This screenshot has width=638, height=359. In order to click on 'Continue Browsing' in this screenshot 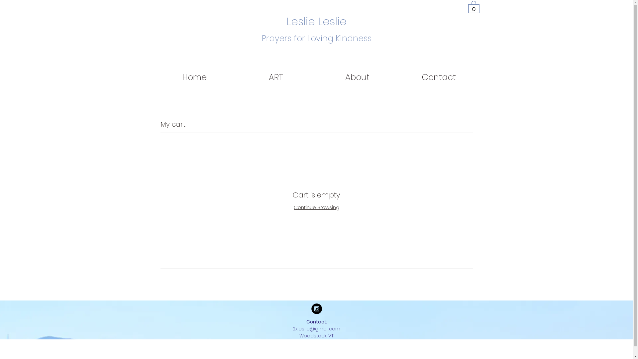, I will do `click(293, 207)`.